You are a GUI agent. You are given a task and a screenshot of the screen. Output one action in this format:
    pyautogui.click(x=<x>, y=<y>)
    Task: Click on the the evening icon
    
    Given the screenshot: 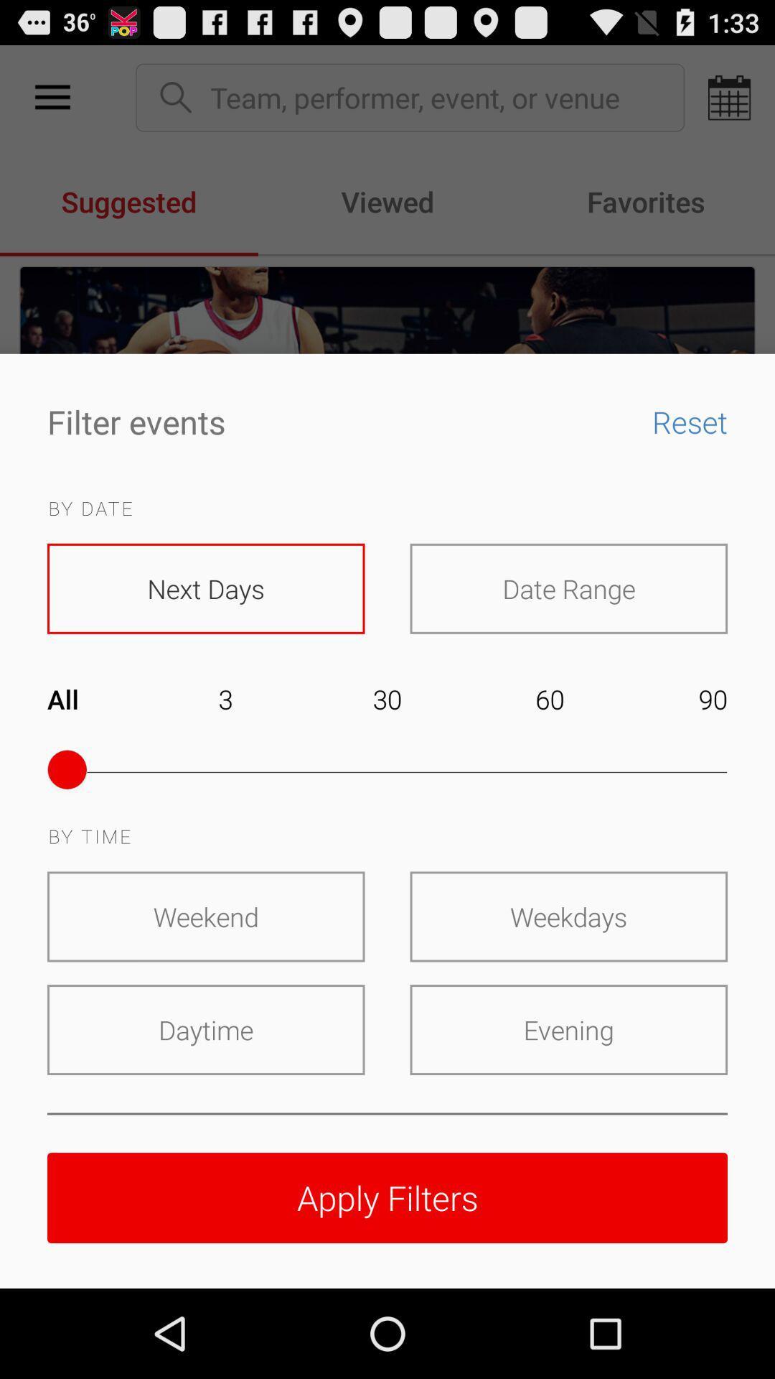 What is the action you would take?
    pyautogui.click(x=568, y=1029)
    